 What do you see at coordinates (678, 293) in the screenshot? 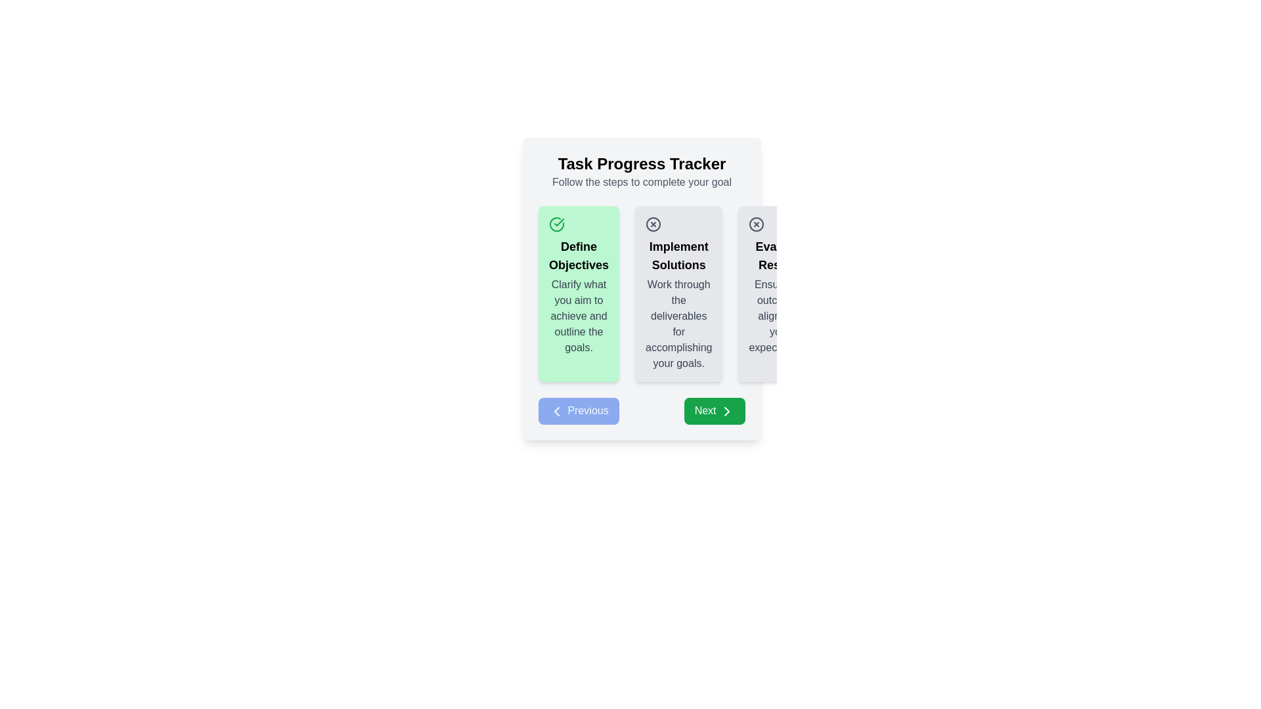
I see `the informational card that provides guidance on the 'Implement Solutions' stage, located in the middle of a horizontal sequence of three cards in the task progress tracker interface` at bounding box center [678, 293].